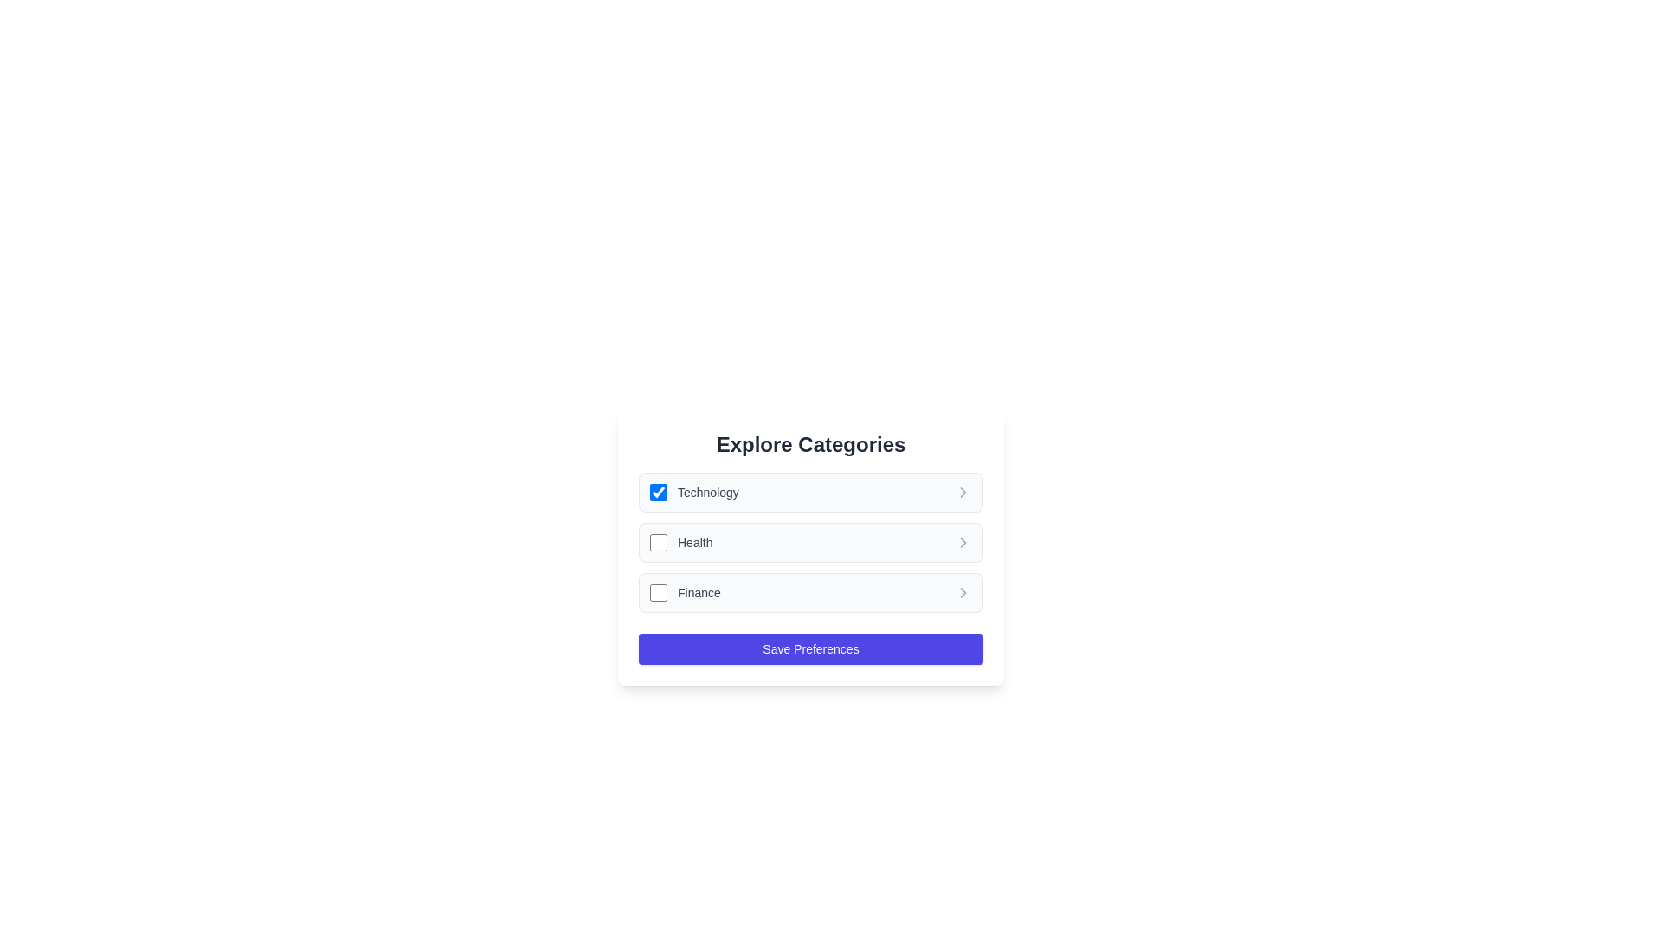  I want to click on the list item Technology to observe its hover effect, so click(809, 493).